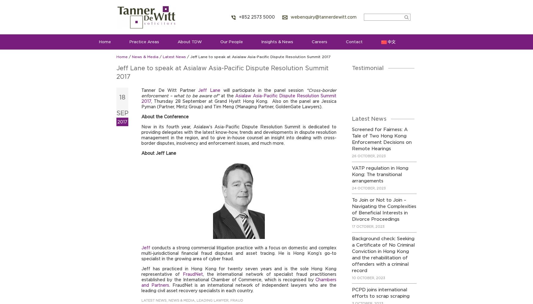 Image resolution: width=533 pixels, height=304 pixels. I want to click on 'Tanner De Witt is the best in the field of restructuring and insolvency.', so click(383, 92).